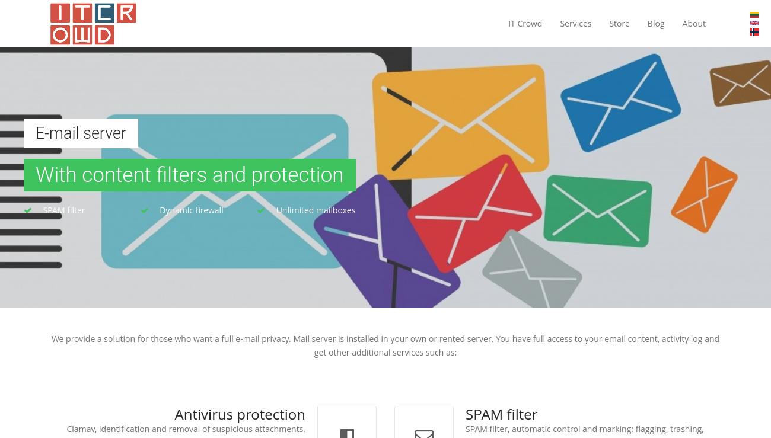  Describe the element at coordinates (240, 413) in the screenshot. I see `'Antivirus protection'` at that location.